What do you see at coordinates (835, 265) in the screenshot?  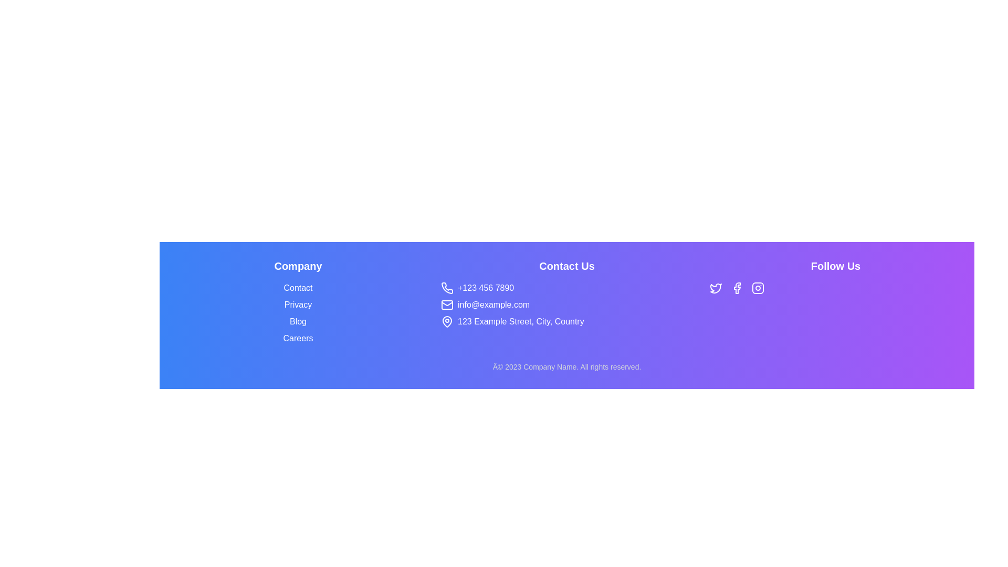 I see `the text label indicating social media links at the top-right of the footer section` at bounding box center [835, 265].